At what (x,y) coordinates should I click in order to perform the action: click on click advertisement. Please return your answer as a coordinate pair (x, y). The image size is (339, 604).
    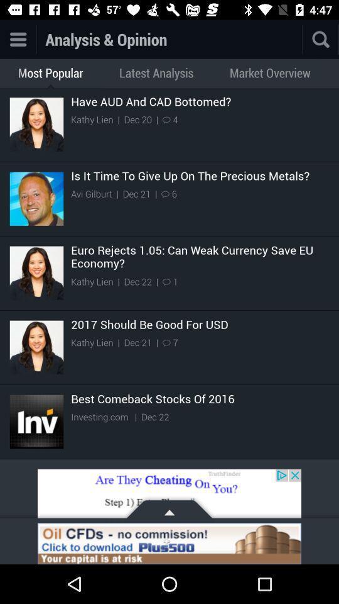
    Looking at the image, I should click on (169, 543).